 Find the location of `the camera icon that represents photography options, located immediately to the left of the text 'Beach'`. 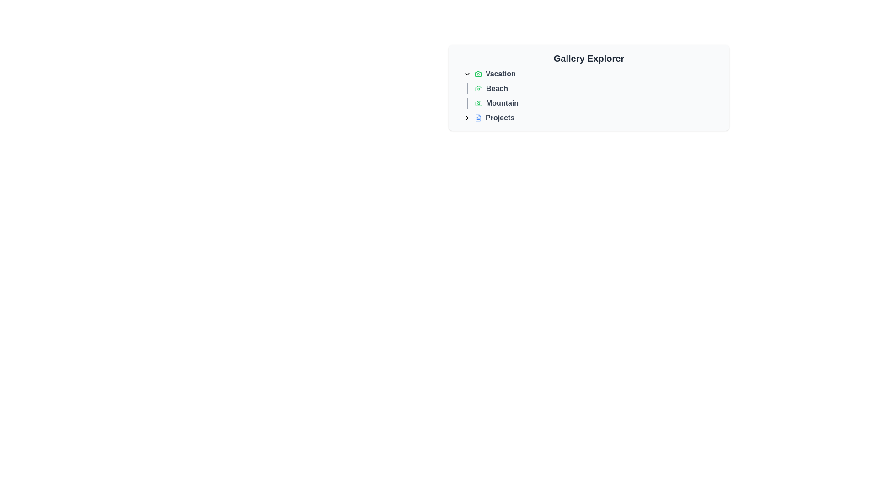

the camera icon that represents photography options, located immediately to the left of the text 'Beach' is located at coordinates (478, 88).